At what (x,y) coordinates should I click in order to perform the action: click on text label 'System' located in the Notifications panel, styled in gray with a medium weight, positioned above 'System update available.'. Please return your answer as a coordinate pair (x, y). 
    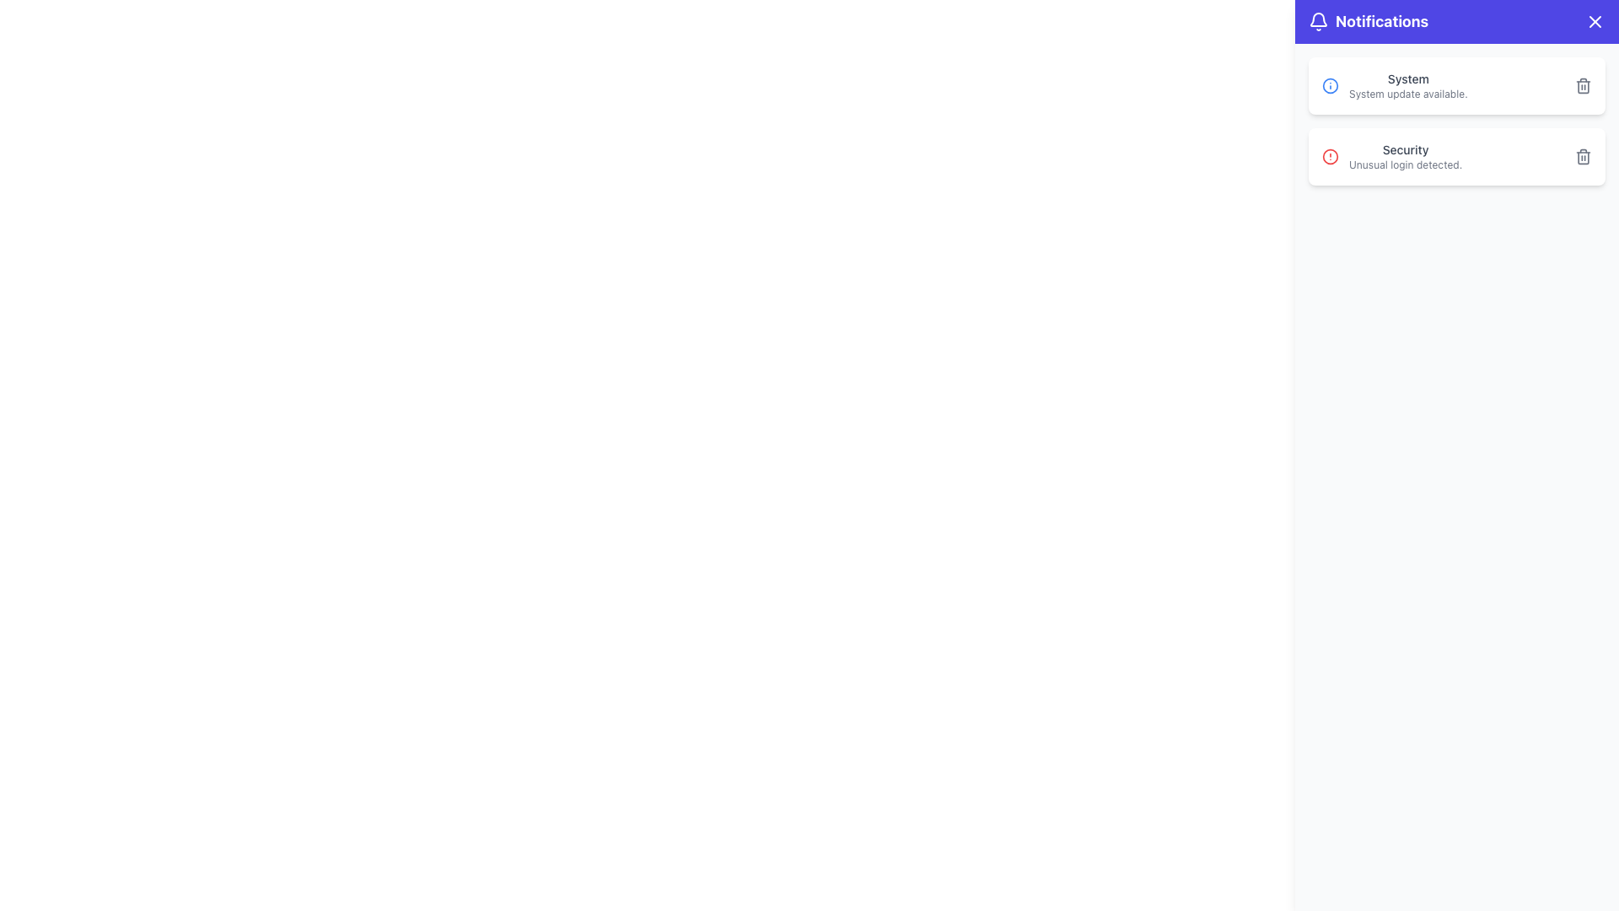
    Looking at the image, I should click on (1408, 78).